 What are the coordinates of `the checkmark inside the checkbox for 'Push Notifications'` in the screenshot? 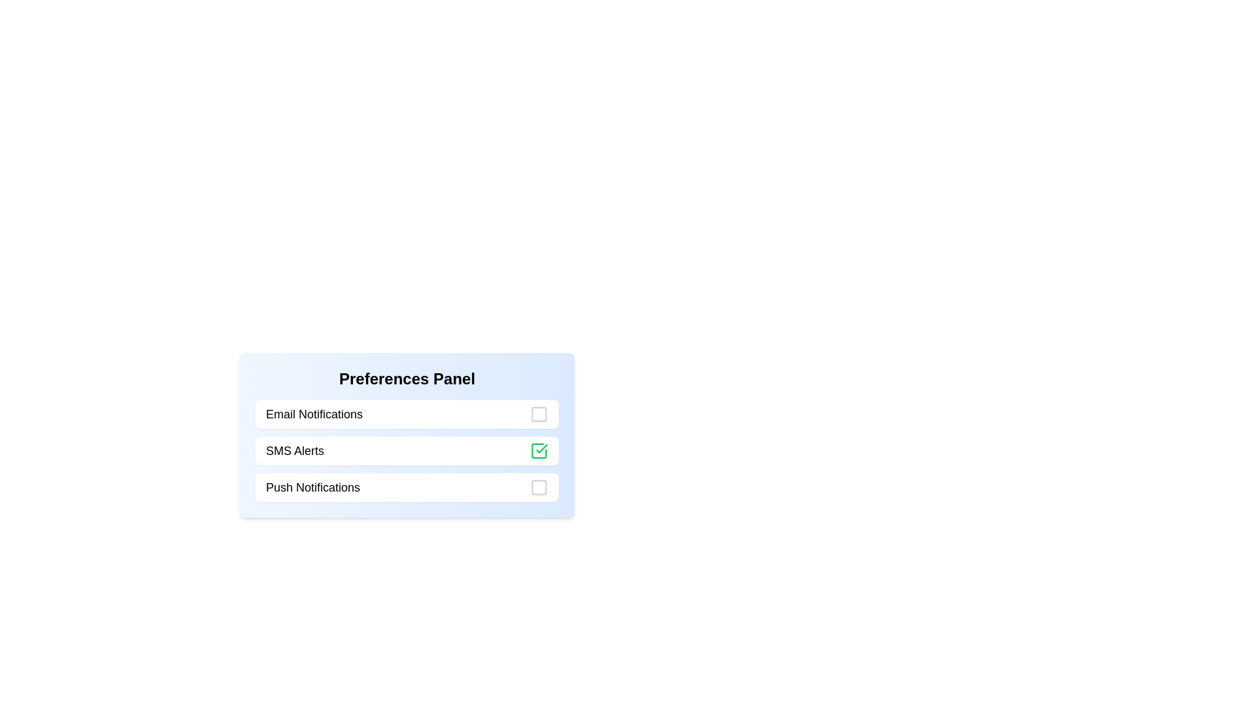 It's located at (539, 487).